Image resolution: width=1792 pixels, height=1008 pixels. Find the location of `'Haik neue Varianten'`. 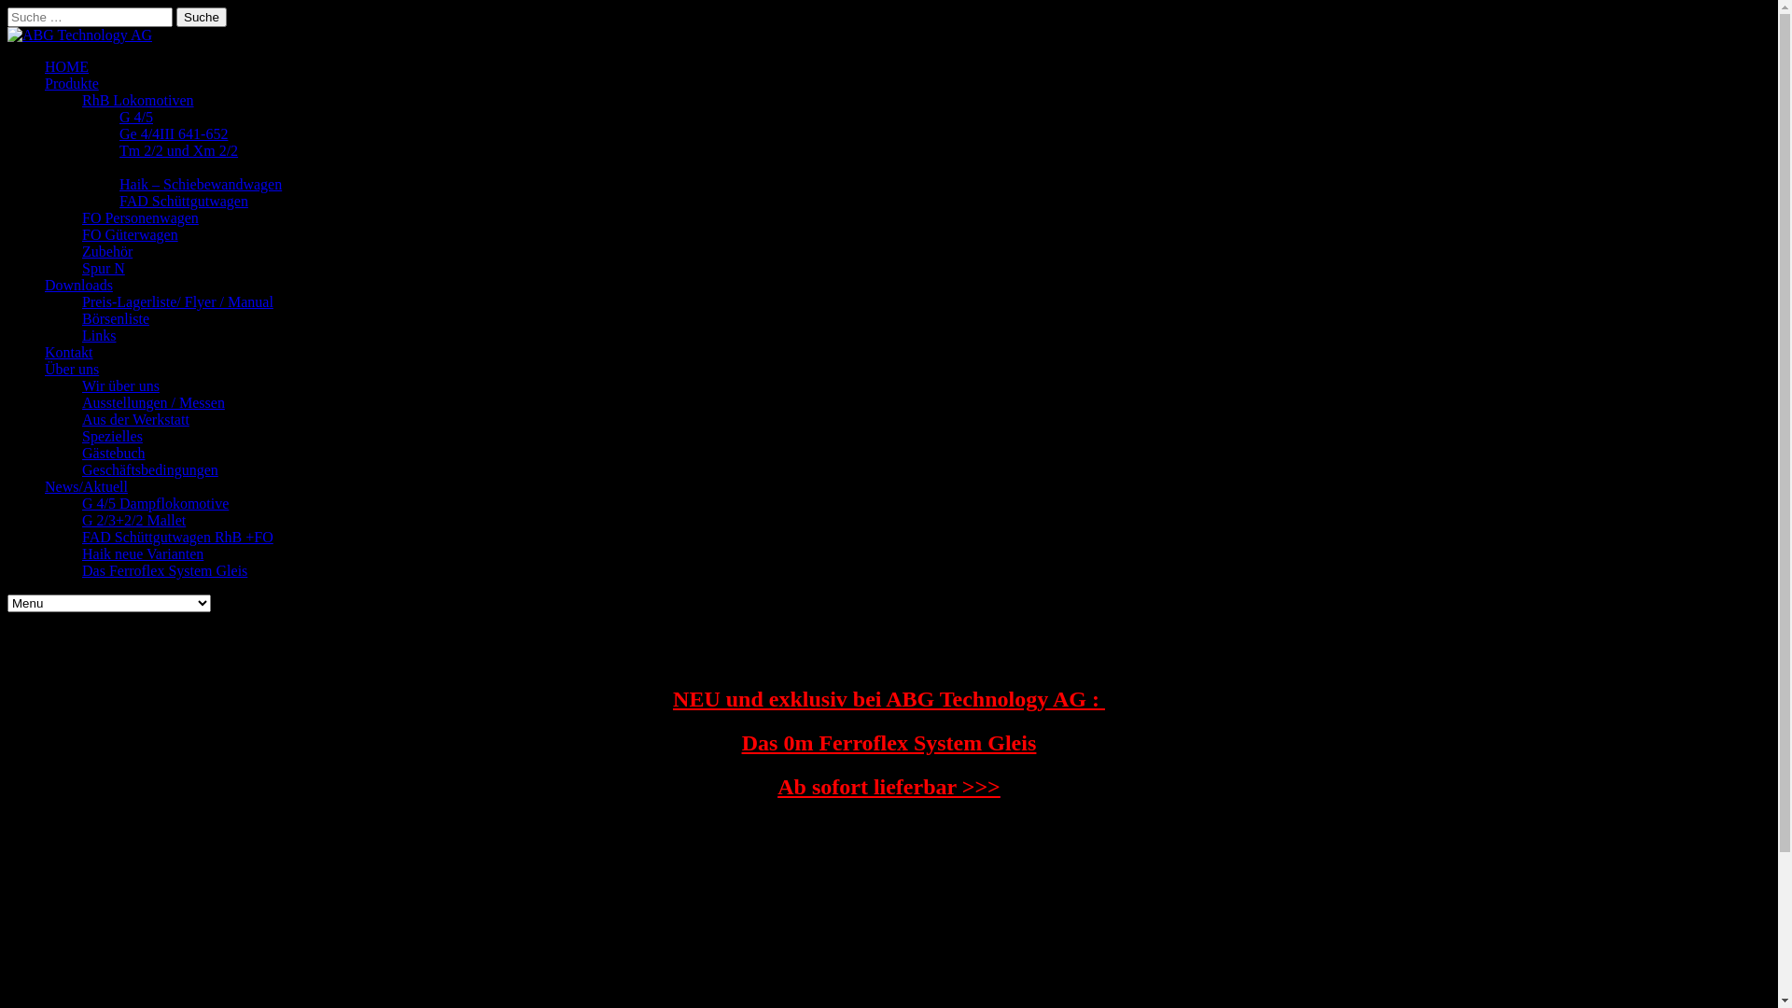

'Haik neue Varianten' is located at coordinates (142, 553).